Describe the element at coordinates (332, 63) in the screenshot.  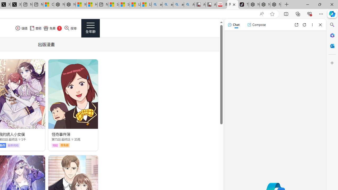
I see `'Customize'` at that location.